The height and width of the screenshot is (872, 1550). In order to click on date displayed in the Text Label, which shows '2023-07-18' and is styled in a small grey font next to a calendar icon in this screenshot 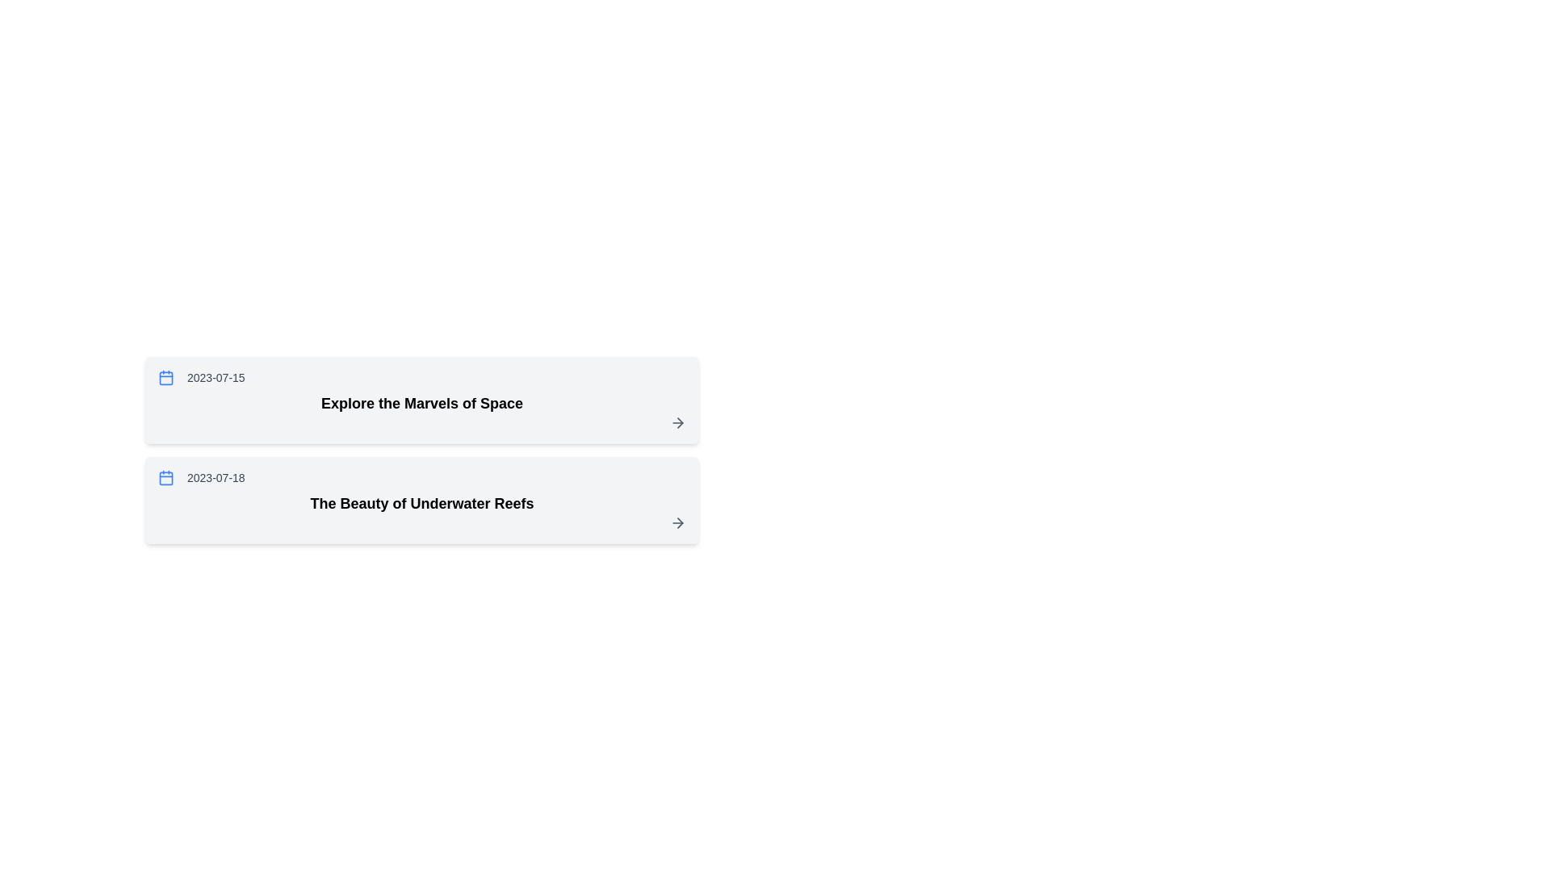, I will do `click(215, 476)`.